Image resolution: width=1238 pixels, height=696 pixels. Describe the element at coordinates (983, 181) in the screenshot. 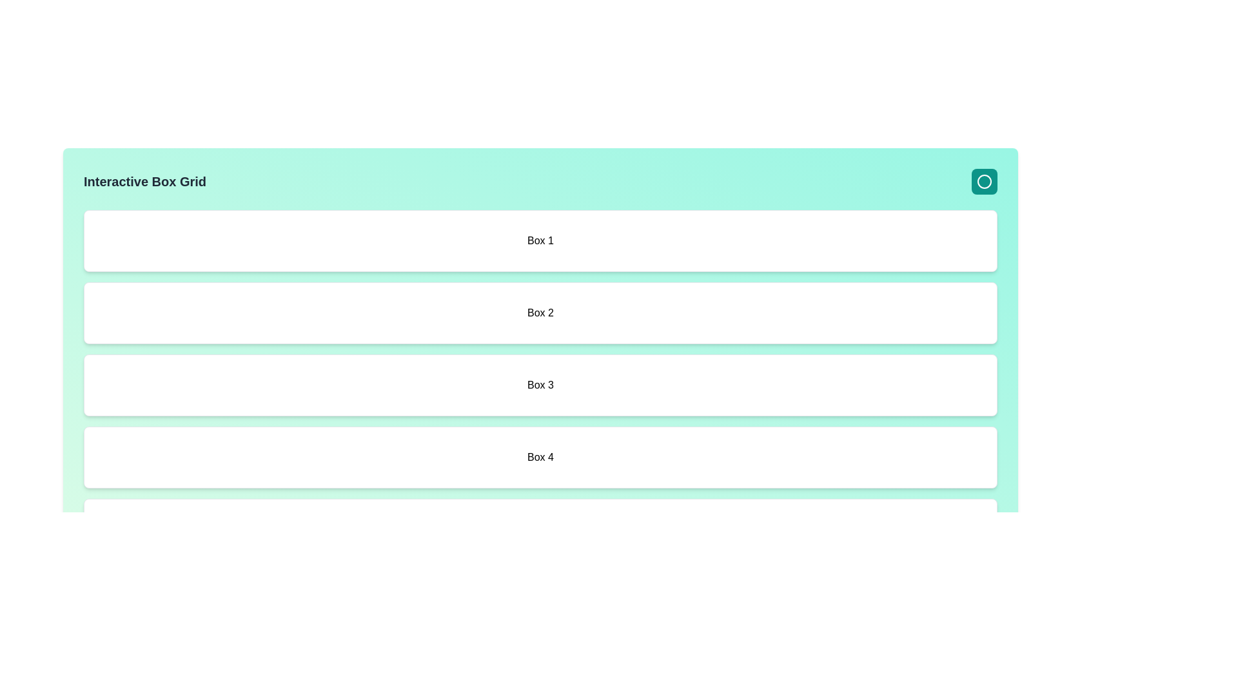

I see `the circular icon with a prominent teal outline located in the top-right corner of the interface, inside a teal background button` at that location.